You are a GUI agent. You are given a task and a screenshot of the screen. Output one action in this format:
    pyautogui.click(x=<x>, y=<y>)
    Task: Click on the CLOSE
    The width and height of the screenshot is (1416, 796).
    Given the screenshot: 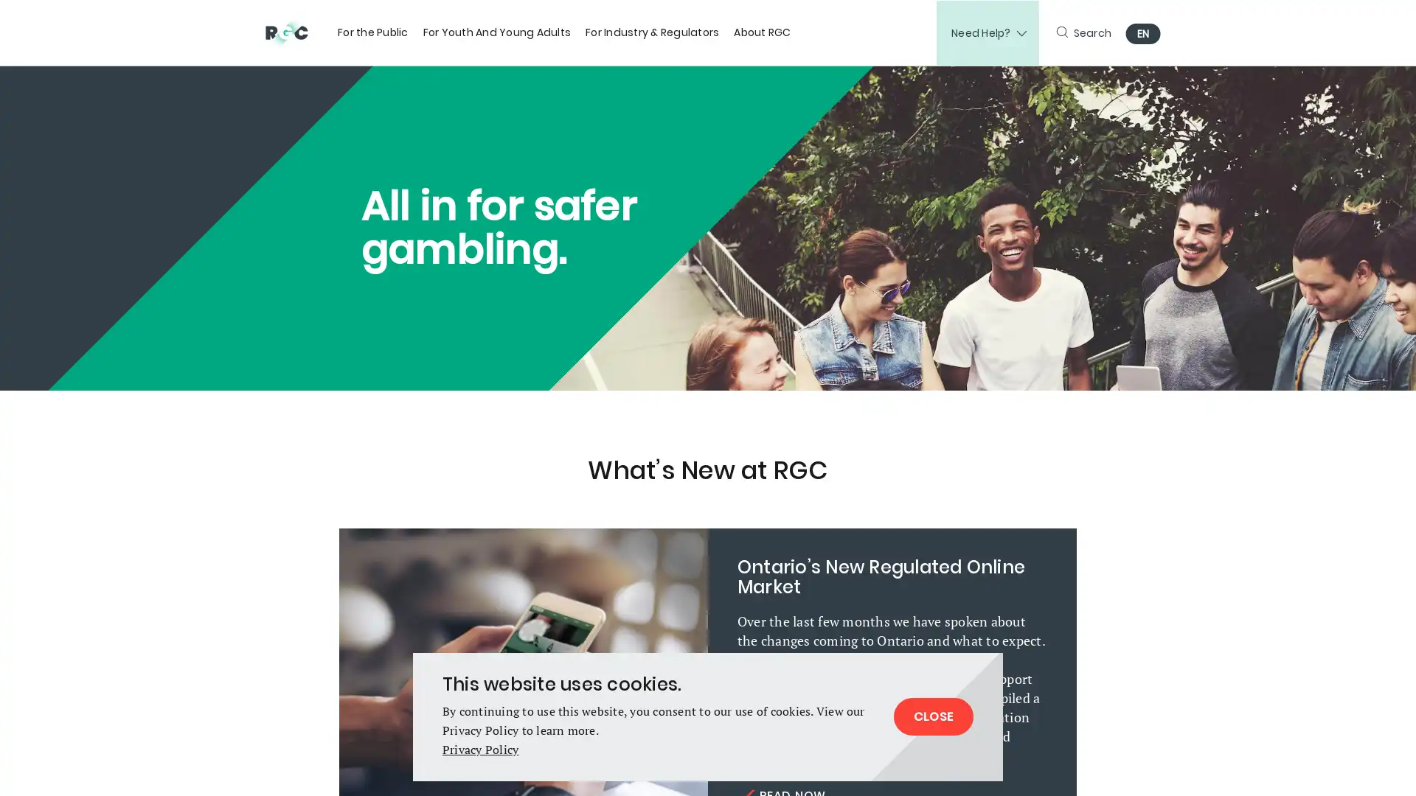 What is the action you would take?
    pyautogui.click(x=933, y=716)
    